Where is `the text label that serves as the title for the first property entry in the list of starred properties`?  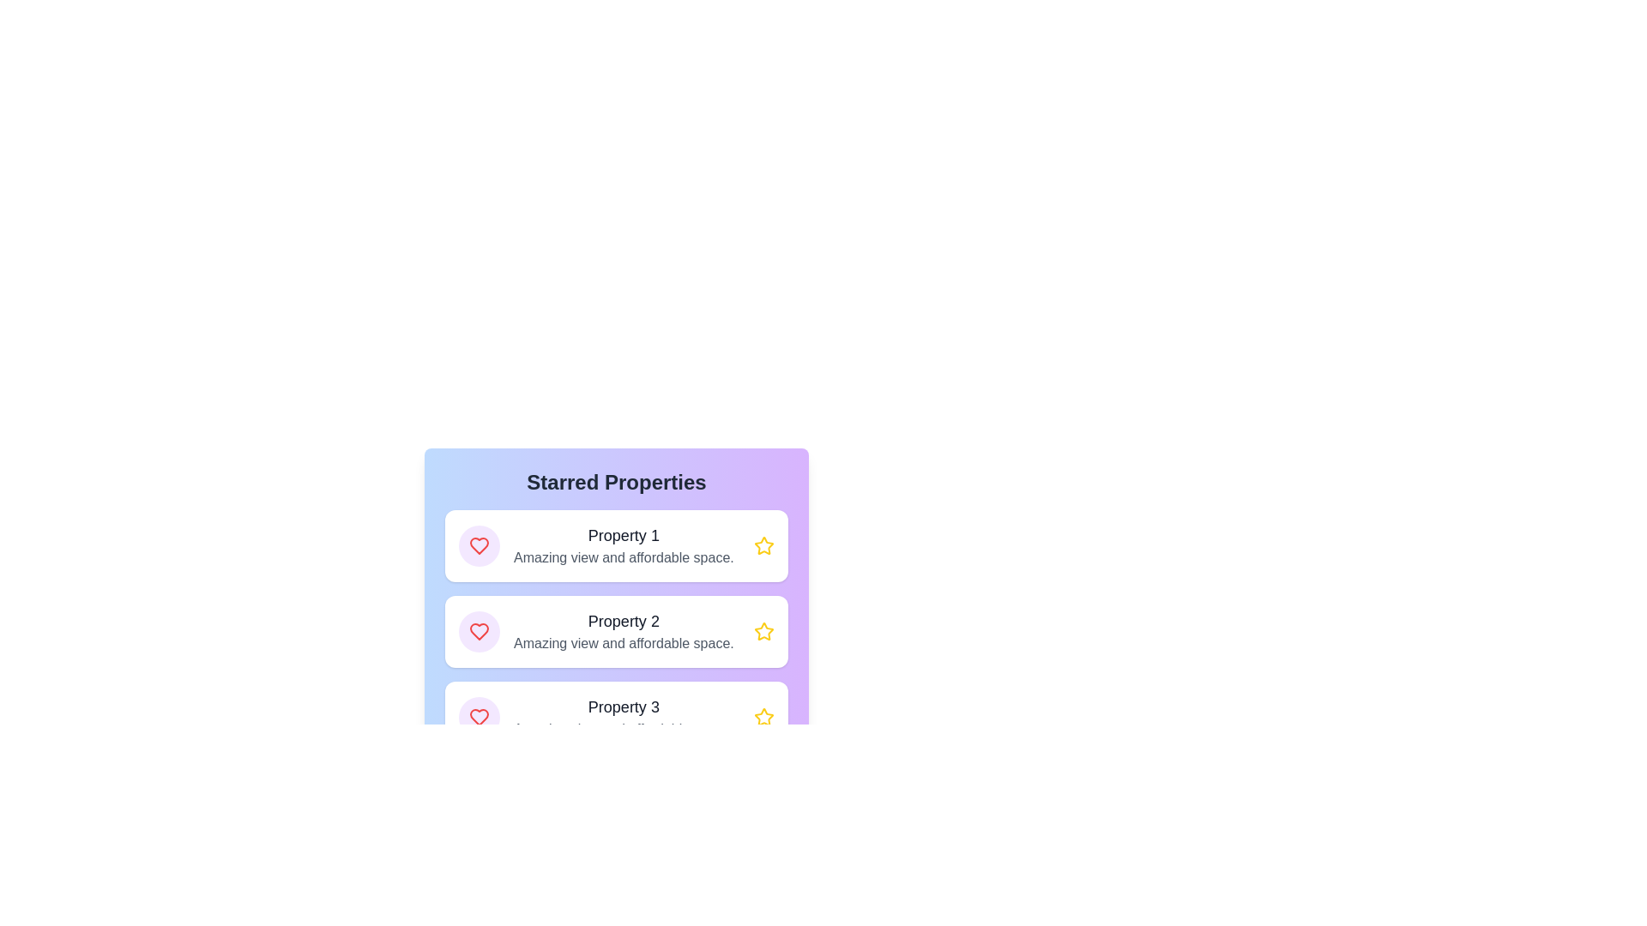 the text label that serves as the title for the first property entry in the list of starred properties is located at coordinates (623, 534).